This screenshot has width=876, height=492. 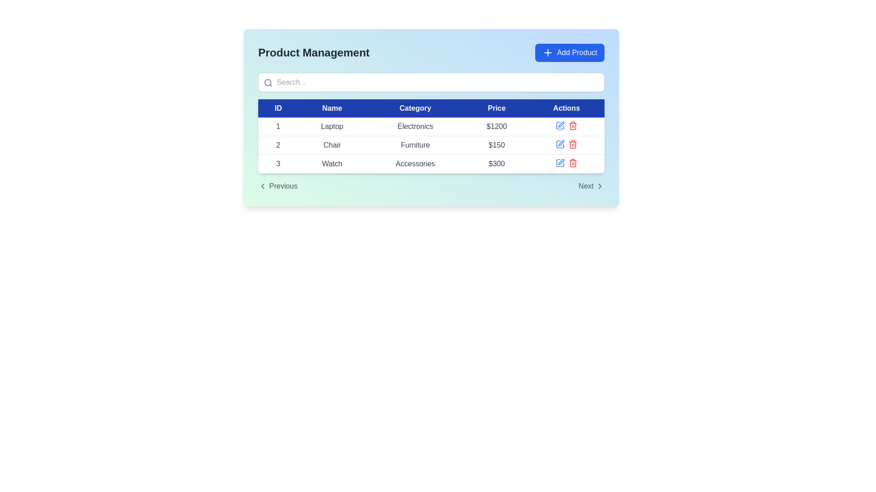 I want to click on text displayed in the text label showing the value '$300' in the fourth column of the third row in the 'Product Management' interface, so click(x=496, y=163).